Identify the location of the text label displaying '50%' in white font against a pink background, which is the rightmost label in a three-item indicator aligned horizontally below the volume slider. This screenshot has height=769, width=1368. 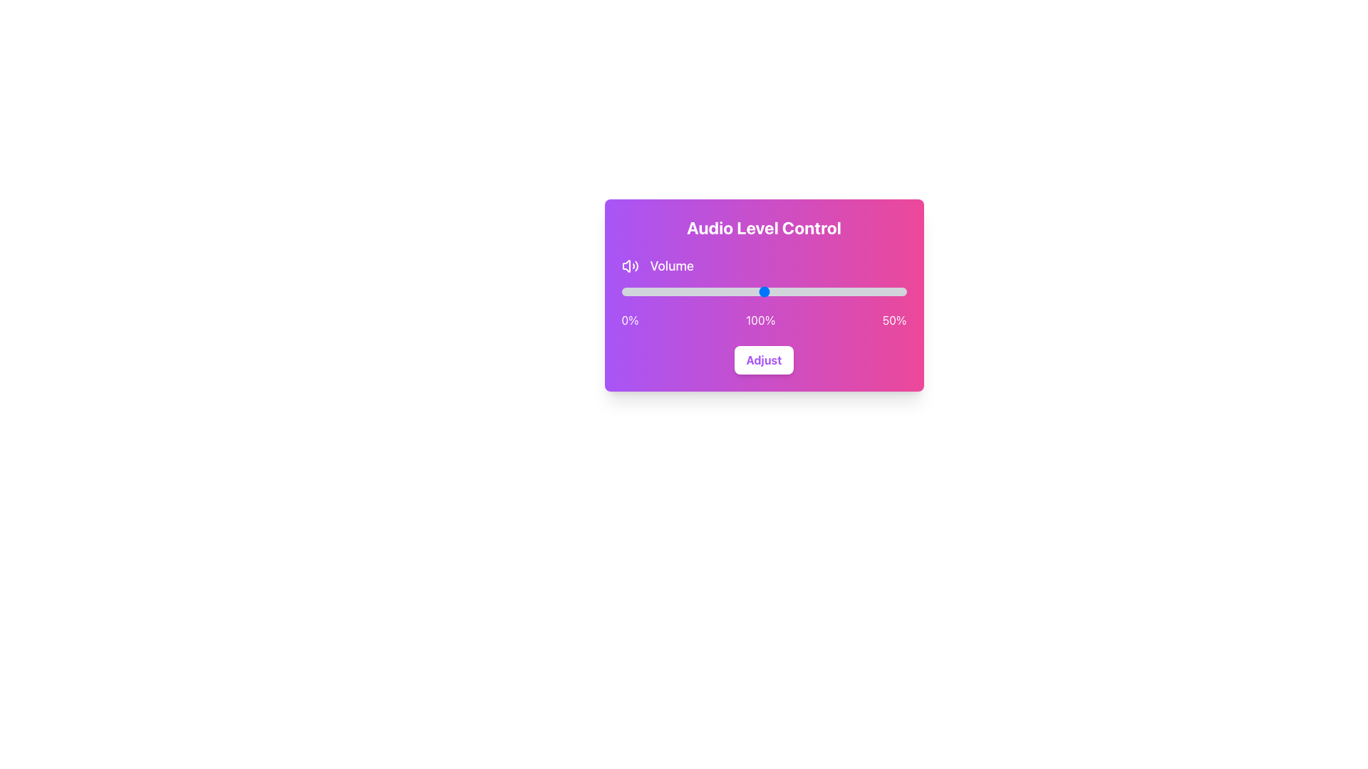
(893, 320).